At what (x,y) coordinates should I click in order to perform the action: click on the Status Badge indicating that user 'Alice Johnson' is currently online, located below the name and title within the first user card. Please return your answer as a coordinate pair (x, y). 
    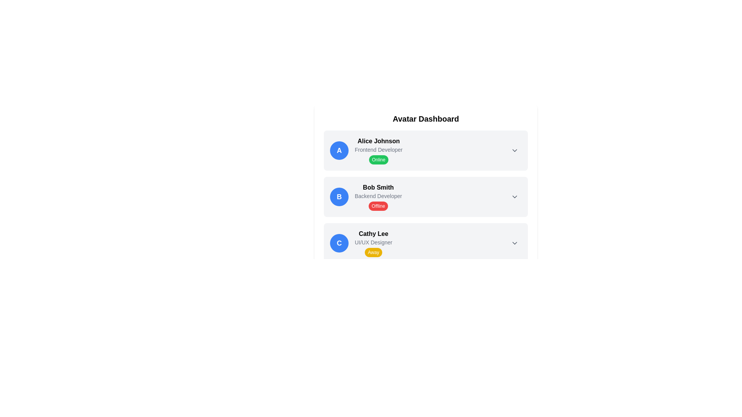
    Looking at the image, I should click on (378, 159).